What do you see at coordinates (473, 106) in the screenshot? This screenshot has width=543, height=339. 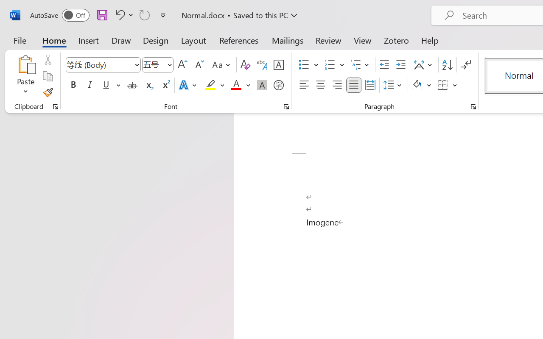 I see `'Paragraph...'` at bounding box center [473, 106].